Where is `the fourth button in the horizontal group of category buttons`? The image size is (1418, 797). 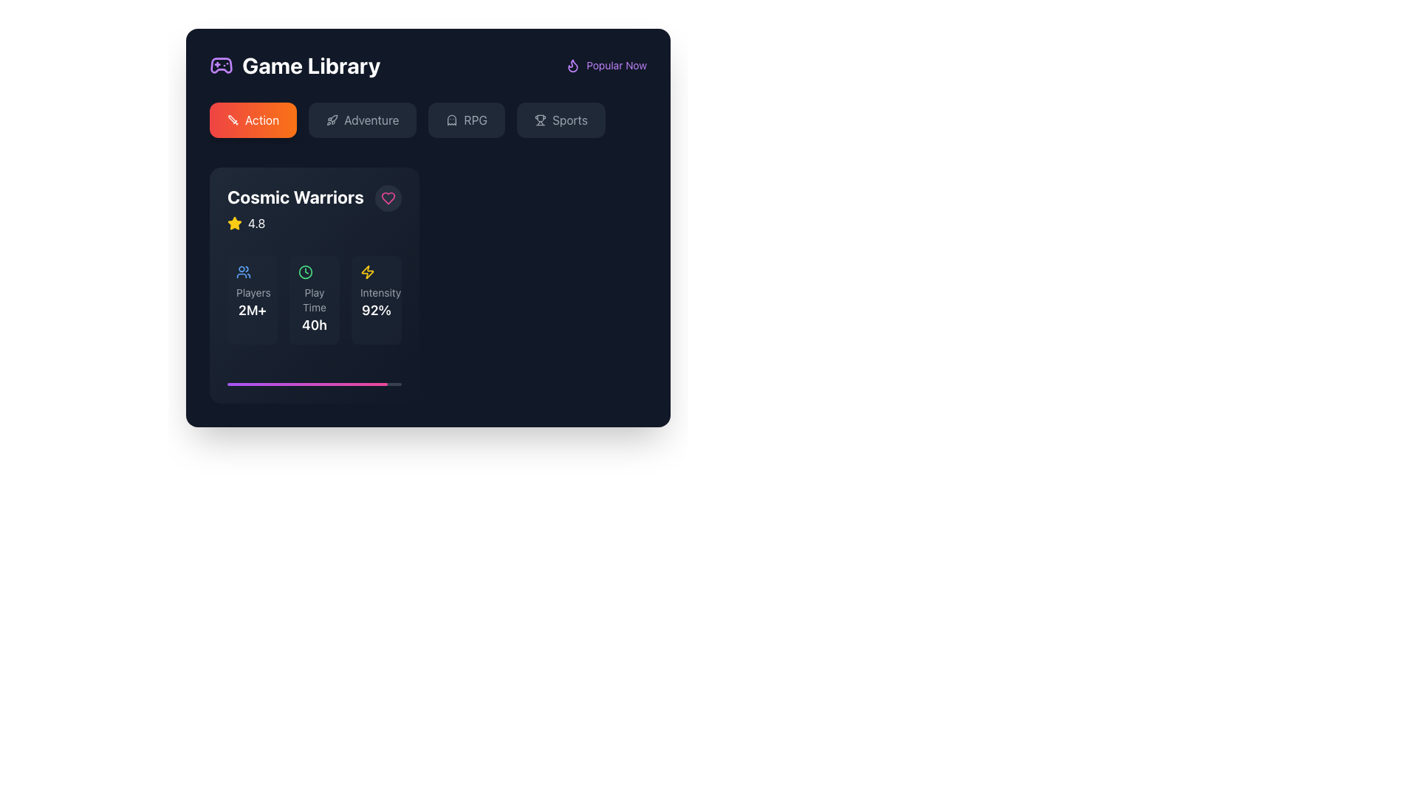
the fourth button in the horizontal group of category buttons is located at coordinates (560, 119).